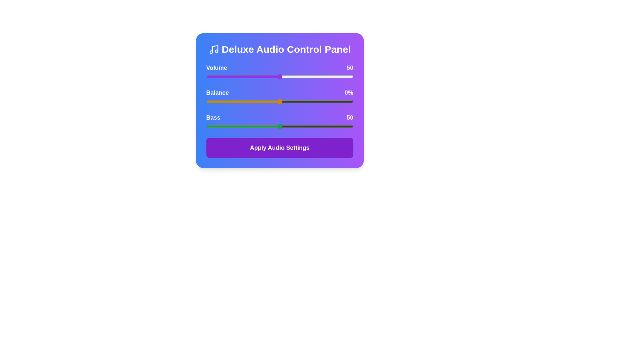 Image resolution: width=630 pixels, height=354 pixels. I want to click on balance, so click(241, 101).